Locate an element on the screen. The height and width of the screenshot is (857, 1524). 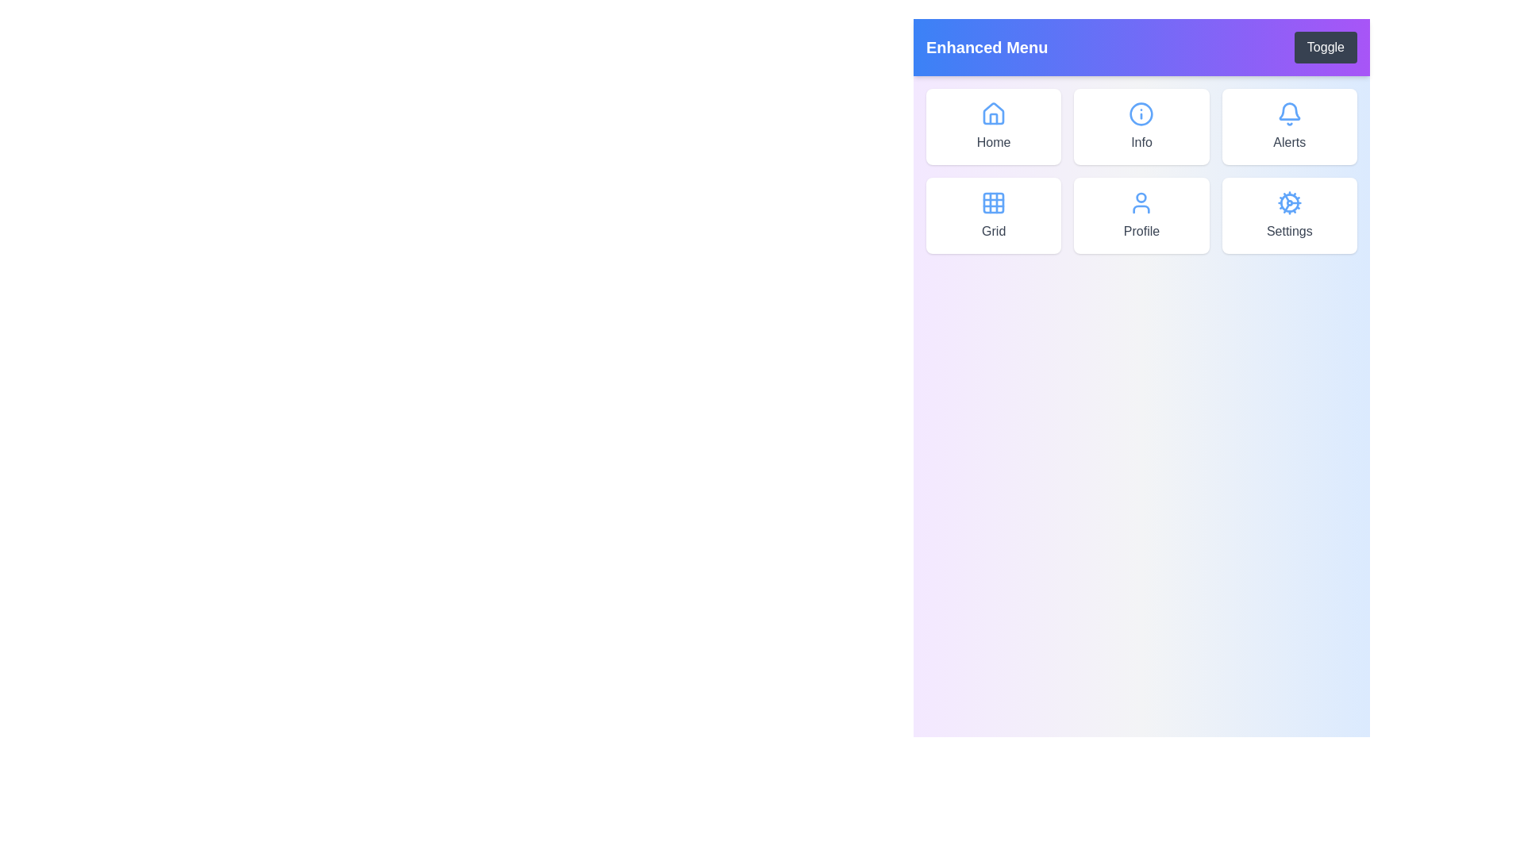
the menu item labeled Info is located at coordinates (1141, 125).